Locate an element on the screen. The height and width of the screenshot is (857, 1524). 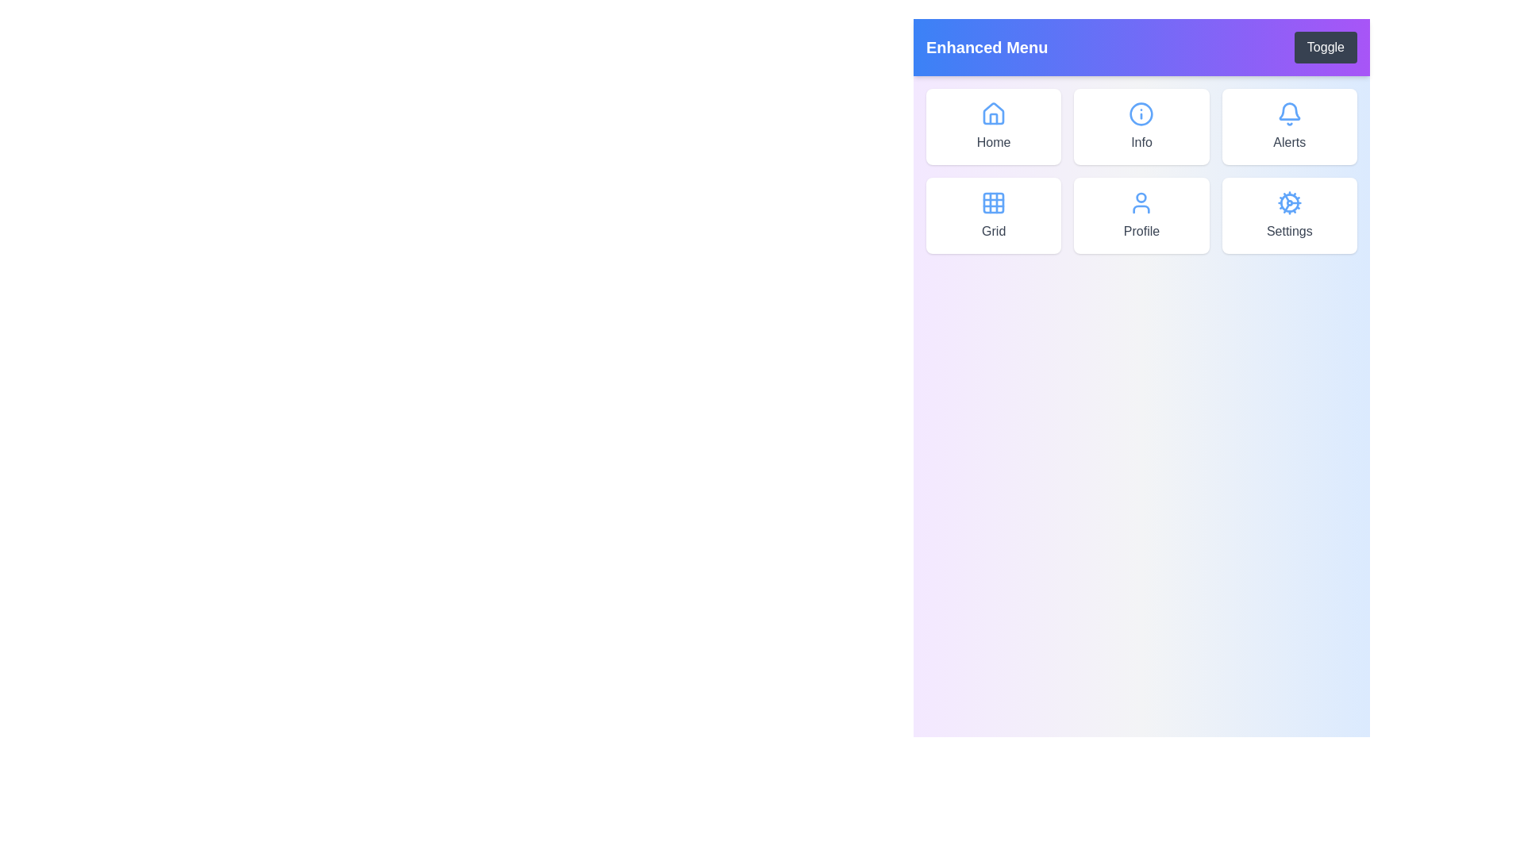
the menu item labeled Info is located at coordinates (1141, 125).